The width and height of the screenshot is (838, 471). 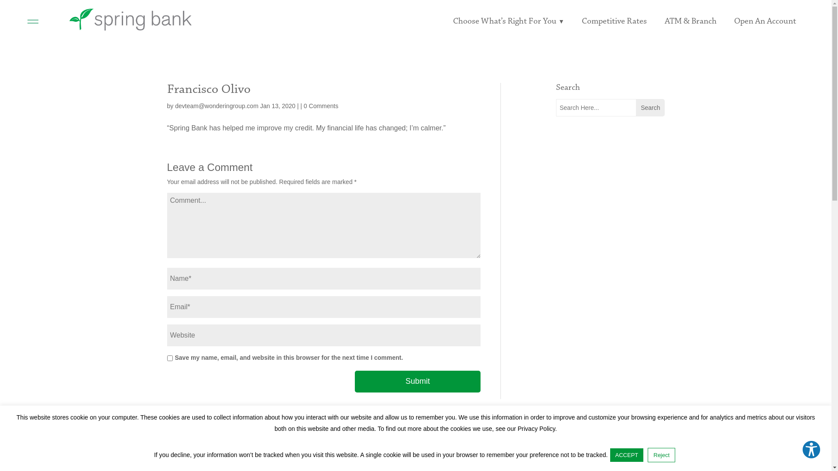 I want to click on 'Submit', so click(x=417, y=381).